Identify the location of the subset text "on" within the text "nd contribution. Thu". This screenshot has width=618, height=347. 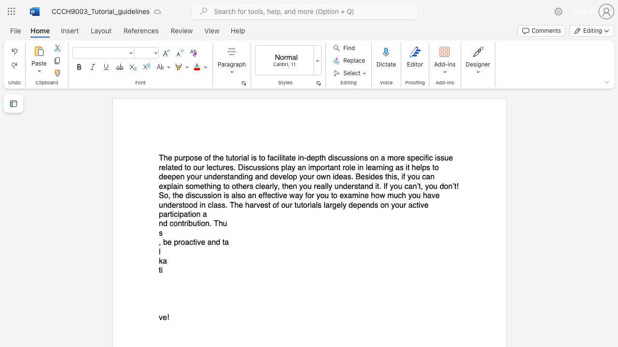
(173, 224).